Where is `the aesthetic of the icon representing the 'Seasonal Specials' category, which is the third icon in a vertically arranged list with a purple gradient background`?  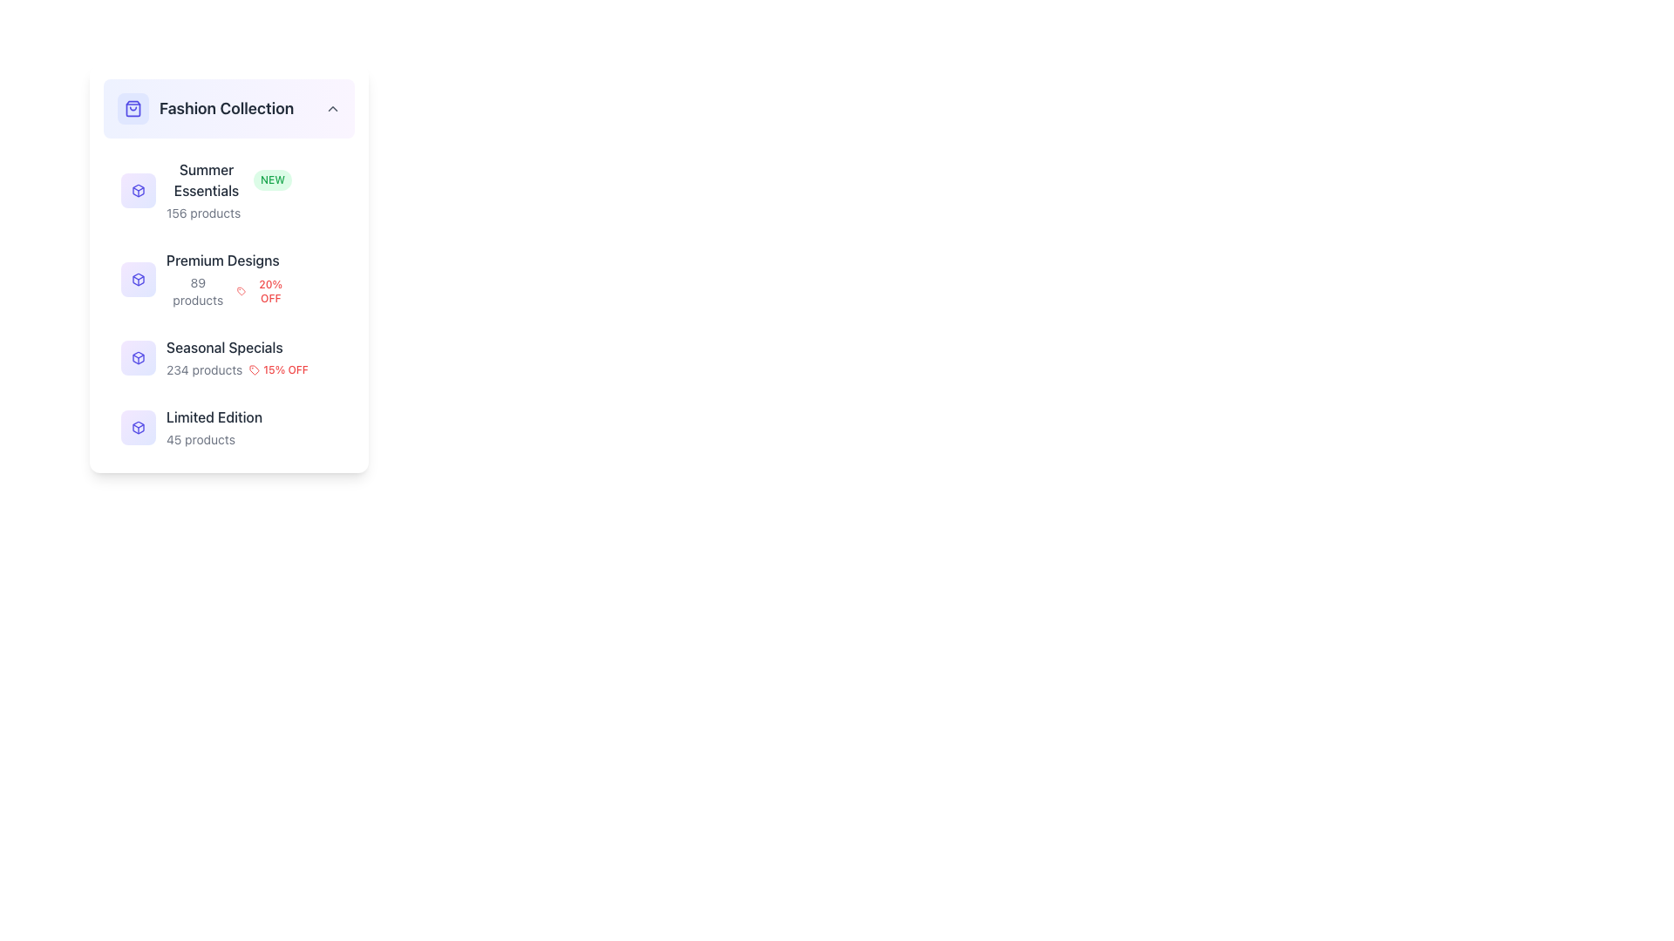
the aesthetic of the icon representing the 'Seasonal Specials' category, which is the third icon in a vertically arranged list with a purple gradient background is located at coordinates (137, 357).